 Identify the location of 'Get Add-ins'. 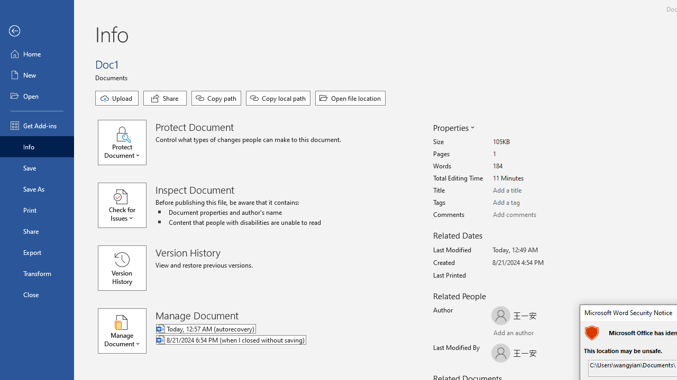
(36, 125).